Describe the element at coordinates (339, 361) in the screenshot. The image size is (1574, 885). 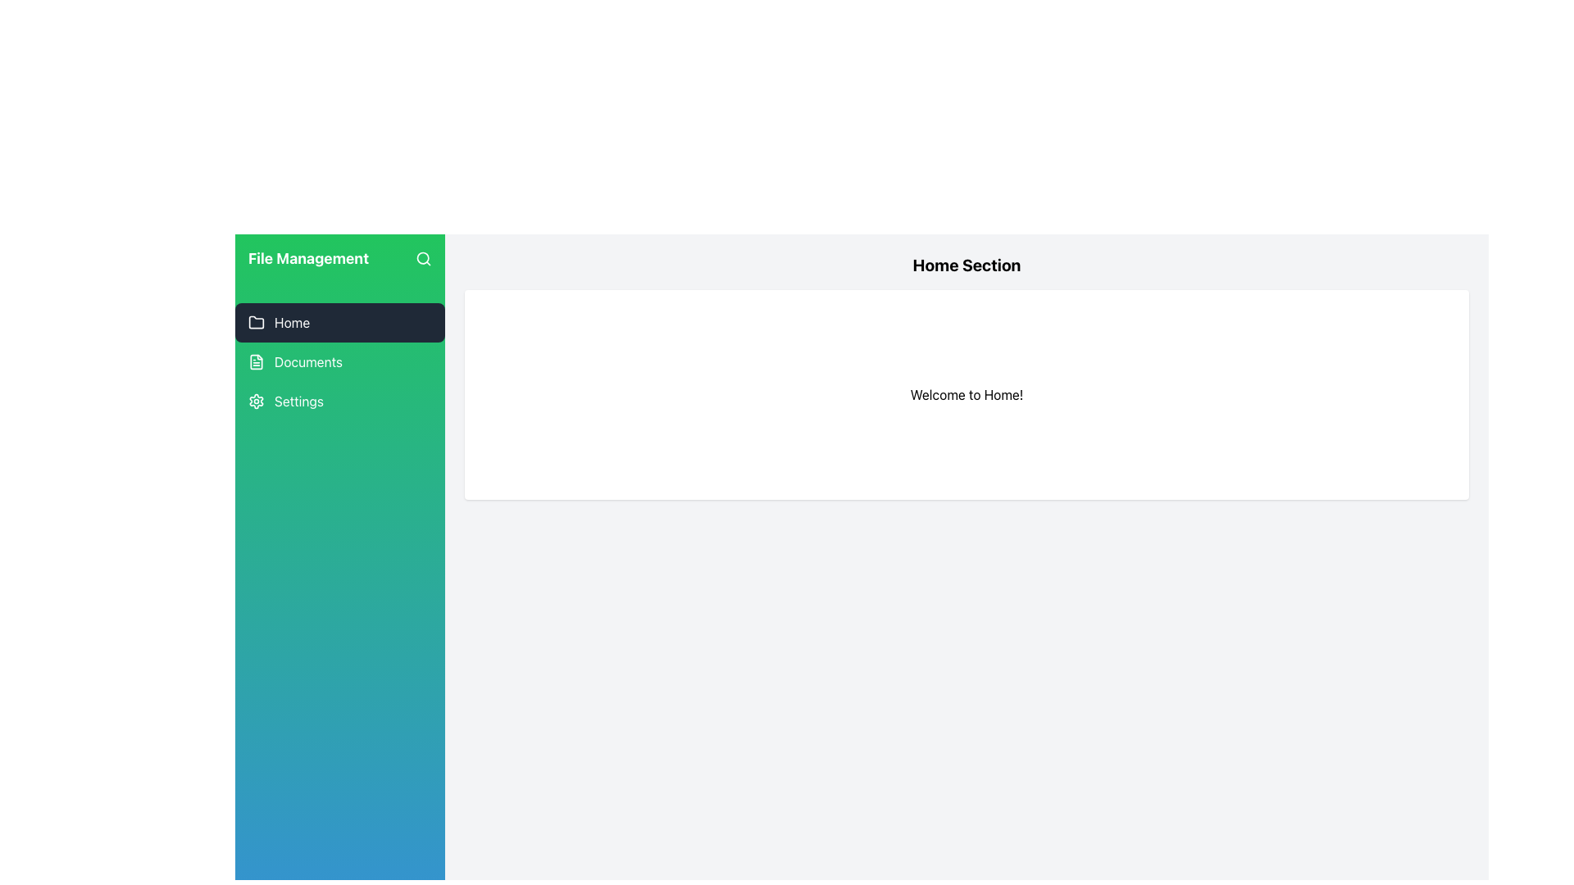
I see `the 'Documents' button located in the left sidebar, which is the second button in a vertical list of three buttons between 'Home' and 'Settings'` at that location.